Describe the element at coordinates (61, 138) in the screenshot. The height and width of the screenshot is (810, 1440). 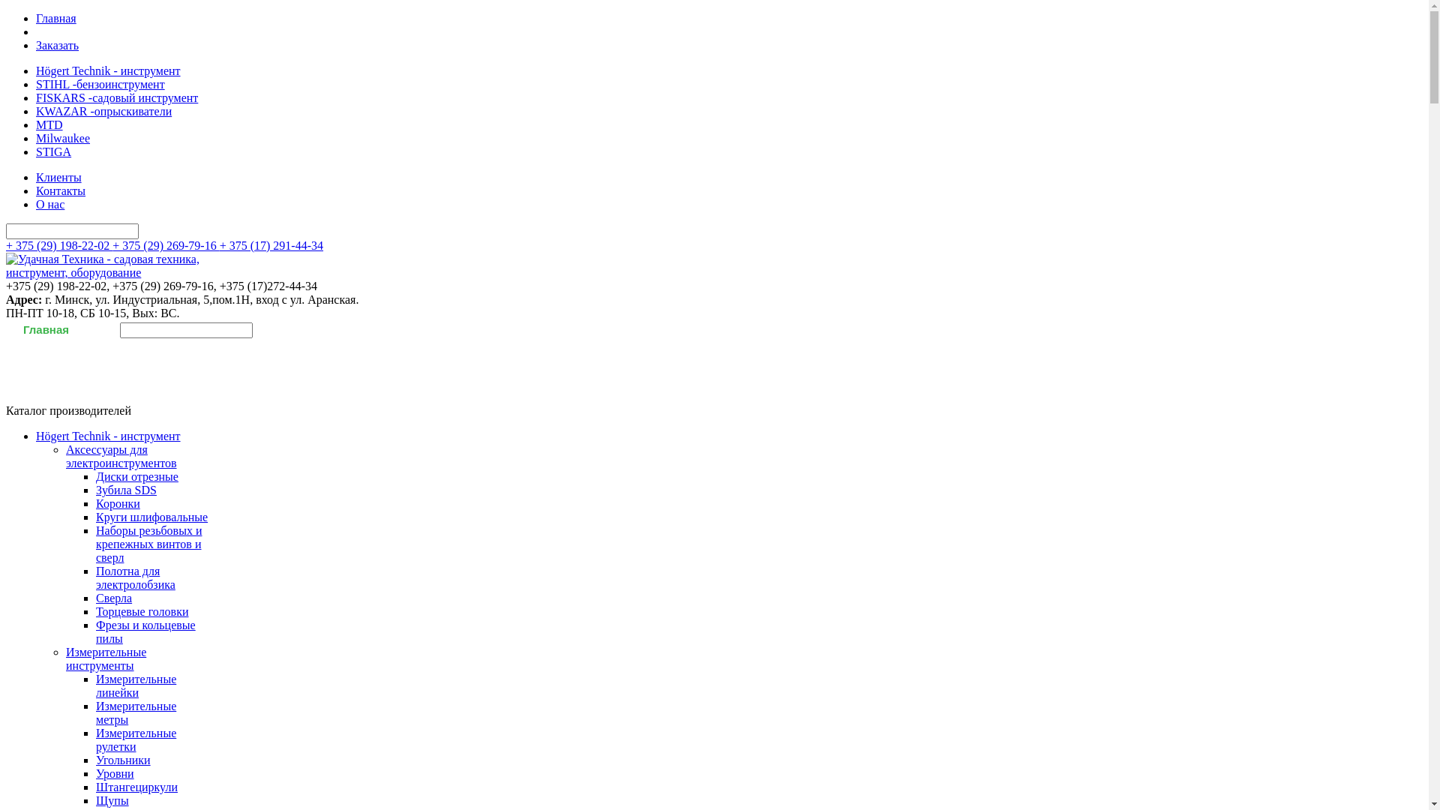
I see `'Milwaukee'` at that location.